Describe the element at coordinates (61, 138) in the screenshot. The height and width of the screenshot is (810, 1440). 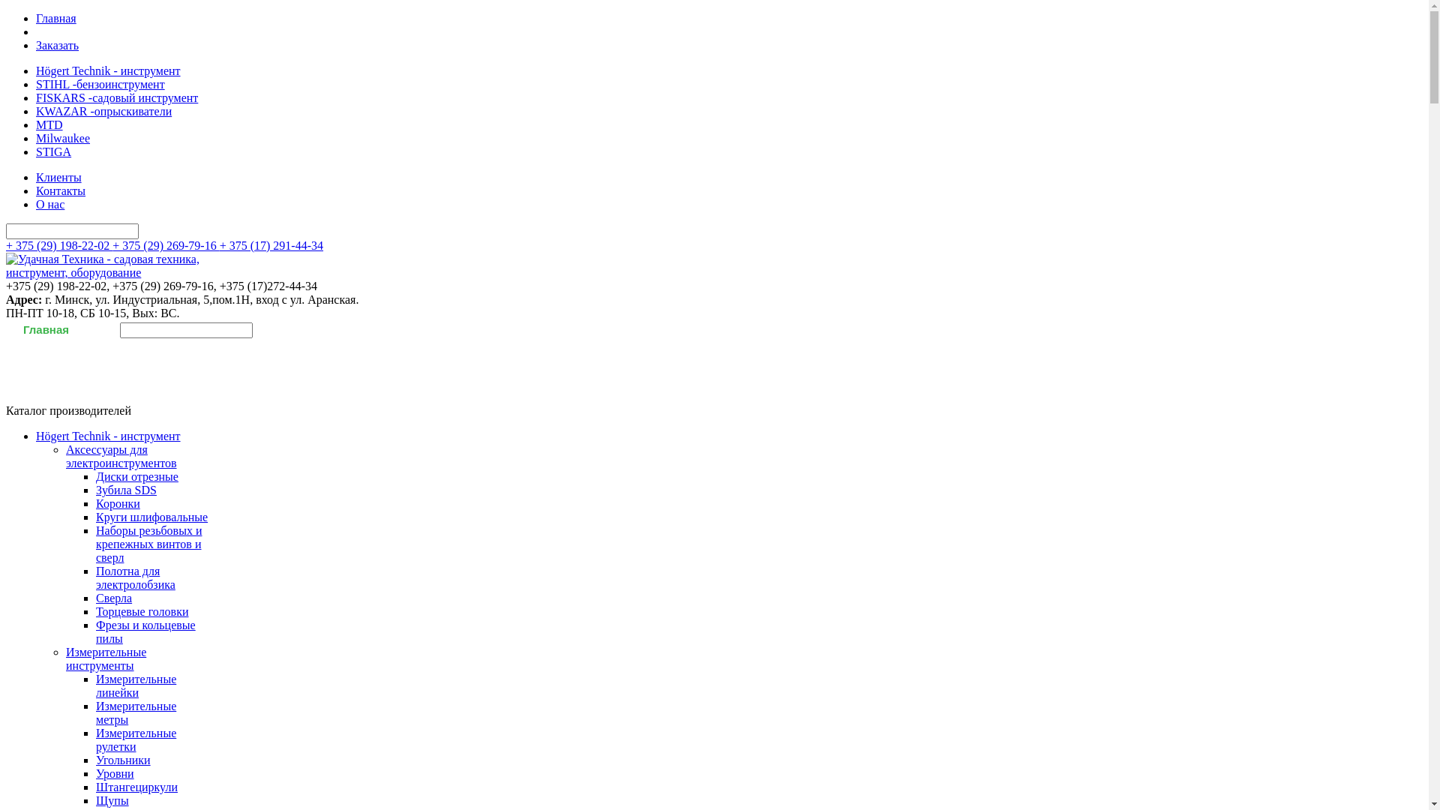
I see `'Milwaukee'` at that location.